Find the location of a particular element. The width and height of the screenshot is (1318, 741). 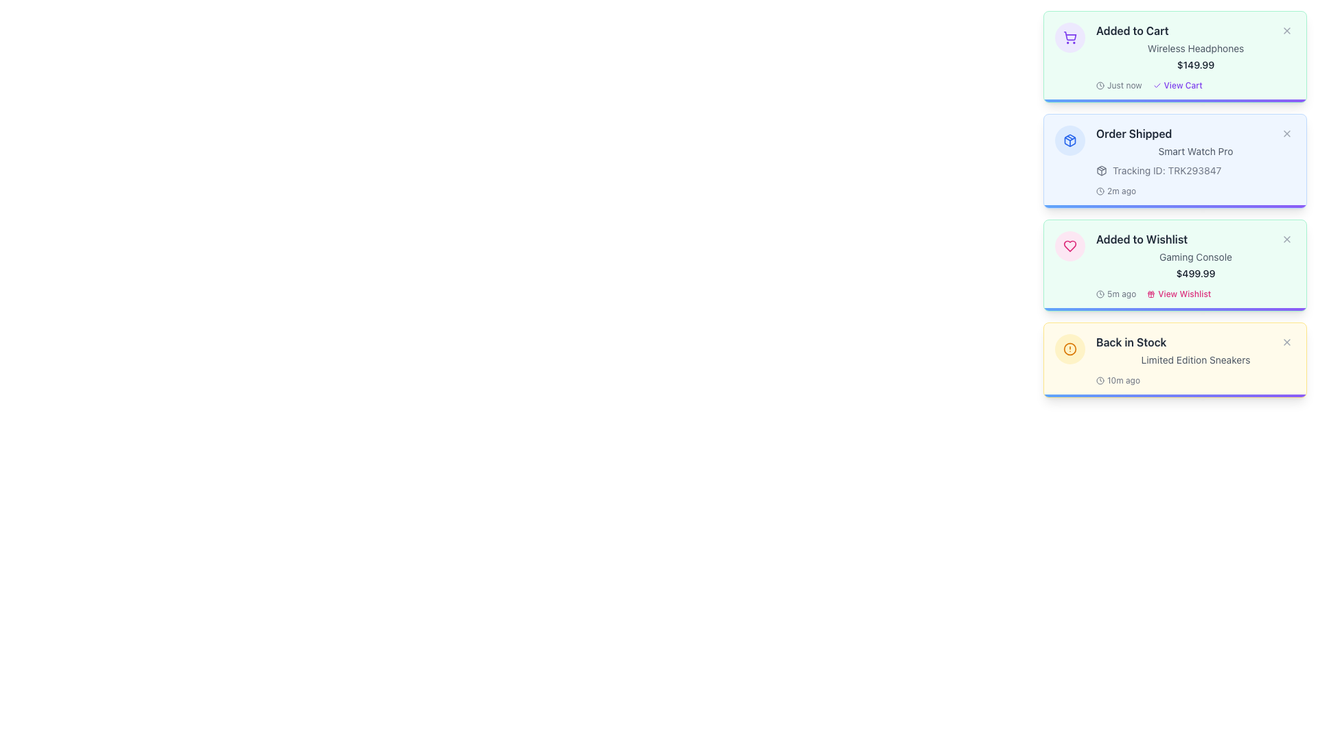

the progress bar located at the bottom edge of the 'Order Shipped' notification card, which features a gradient from blue to violet is located at coordinates (1175, 206).